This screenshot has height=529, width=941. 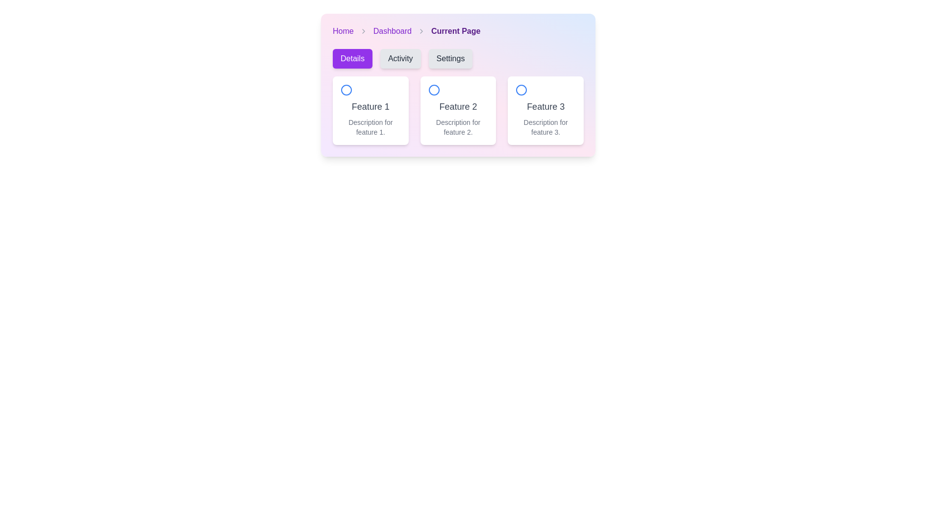 What do you see at coordinates (370, 110) in the screenshot?
I see `the first card in the grid layout` at bounding box center [370, 110].